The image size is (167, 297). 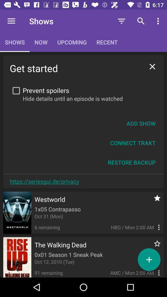 I want to click on the item to the right of upcoming, so click(x=122, y=21).